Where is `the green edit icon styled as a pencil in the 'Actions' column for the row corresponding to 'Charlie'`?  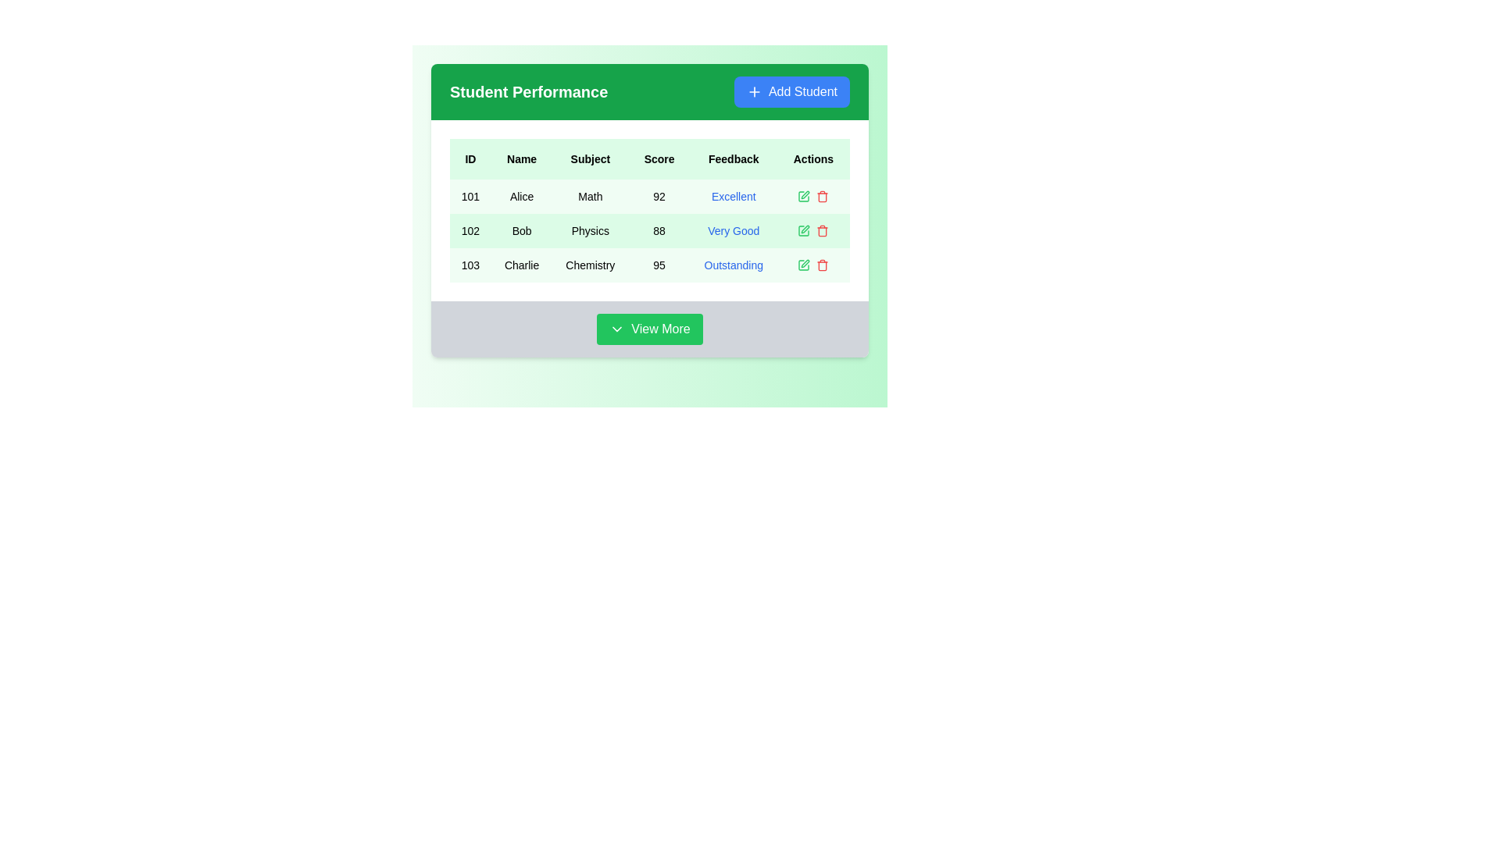
the green edit icon styled as a pencil in the 'Actions' column for the row corresponding to 'Charlie' is located at coordinates (804, 264).